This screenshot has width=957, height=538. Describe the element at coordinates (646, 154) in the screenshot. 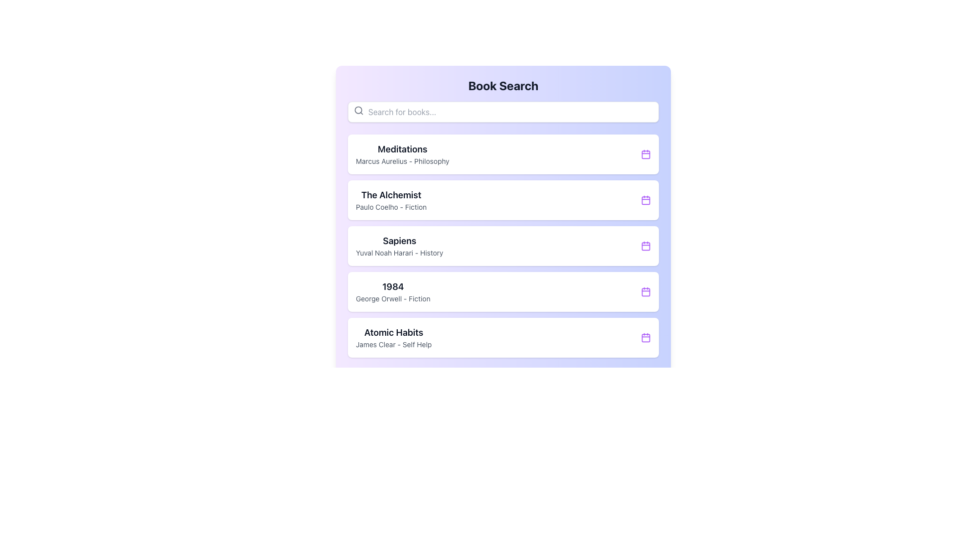

I see `the small rounded rectangle styled in a vivid icon-like manner, located within the calendar graphic and positioned to the right of the text 'Meditations'` at that location.